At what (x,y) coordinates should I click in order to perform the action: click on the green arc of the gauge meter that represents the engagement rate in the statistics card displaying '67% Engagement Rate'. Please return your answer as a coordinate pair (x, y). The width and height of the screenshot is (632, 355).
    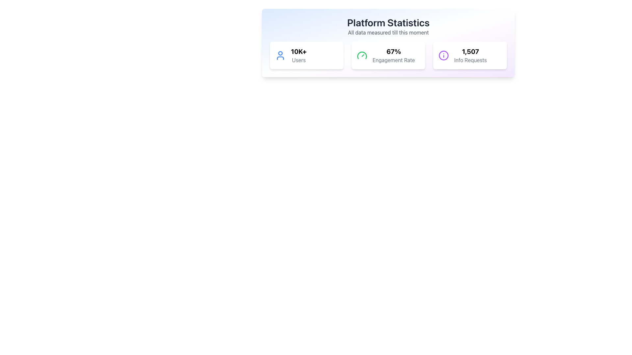
    Looking at the image, I should click on (361, 55).